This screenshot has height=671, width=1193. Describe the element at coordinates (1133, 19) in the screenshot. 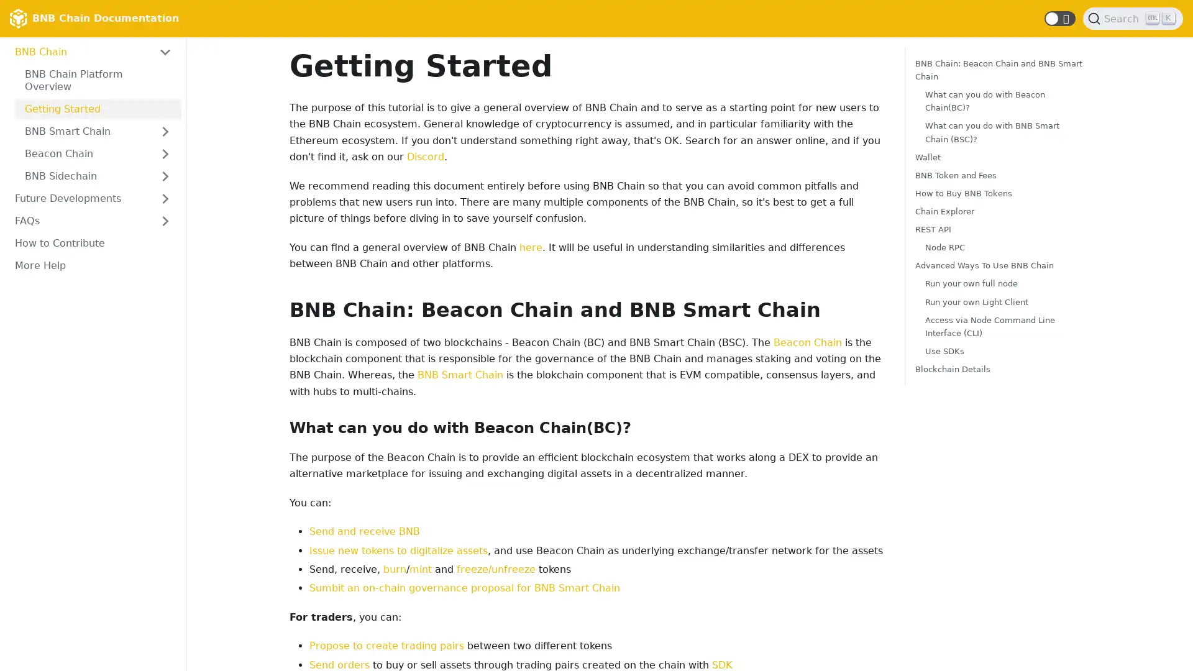

I see `Search` at that location.